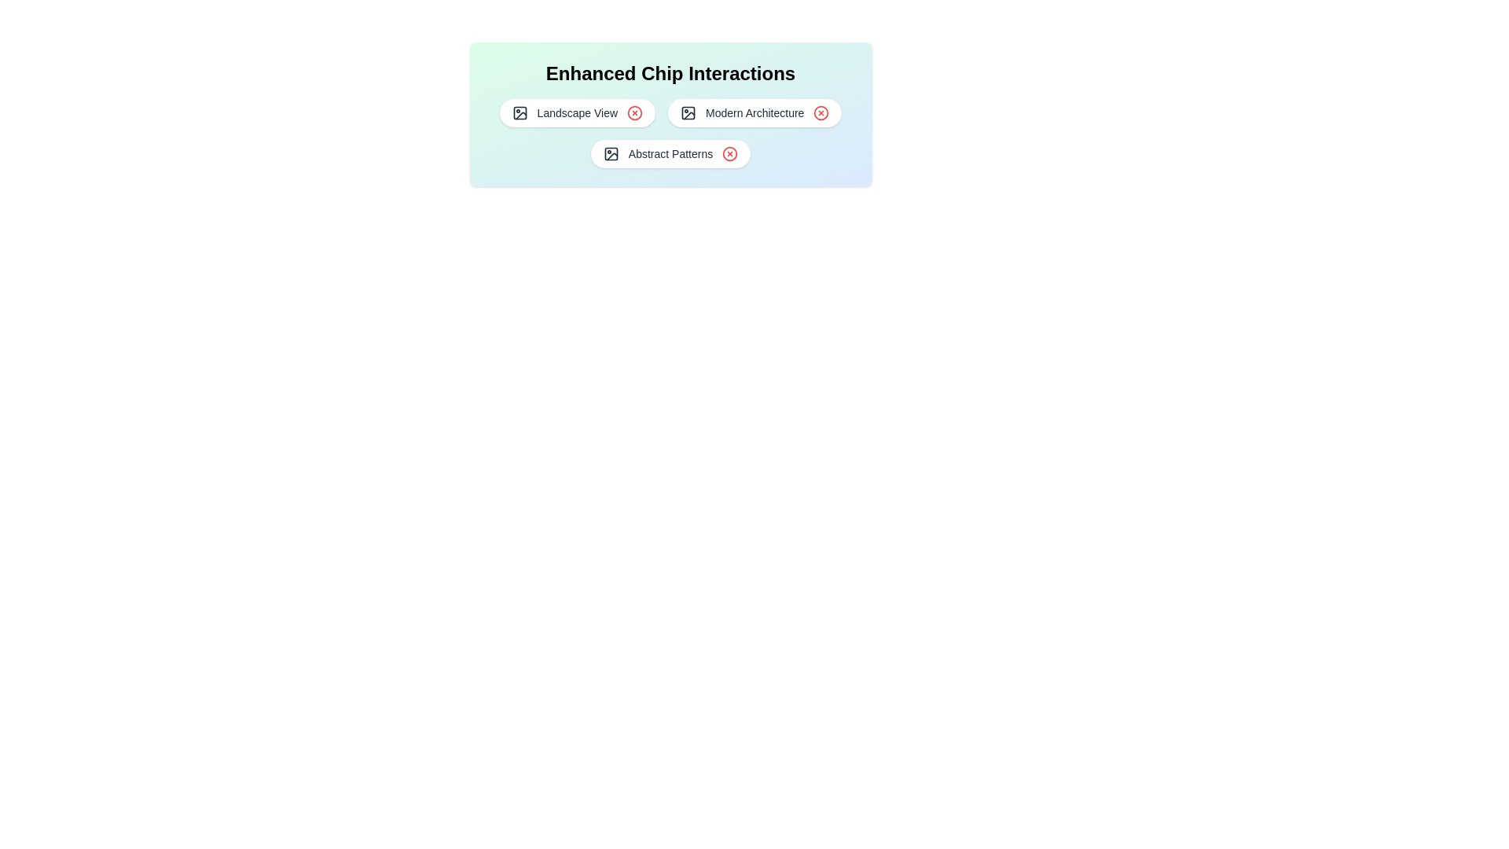 The width and height of the screenshot is (1509, 849). What do you see at coordinates (610, 154) in the screenshot?
I see `the icon of the chip labeled Abstract Patterns` at bounding box center [610, 154].